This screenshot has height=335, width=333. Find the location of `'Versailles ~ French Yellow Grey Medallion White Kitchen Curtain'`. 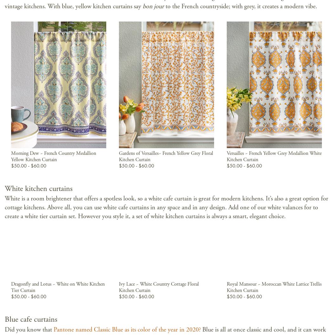

'Versailles ~ French Yellow Grey Medallion White Kitchen Curtain' is located at coordinates (226, 156).